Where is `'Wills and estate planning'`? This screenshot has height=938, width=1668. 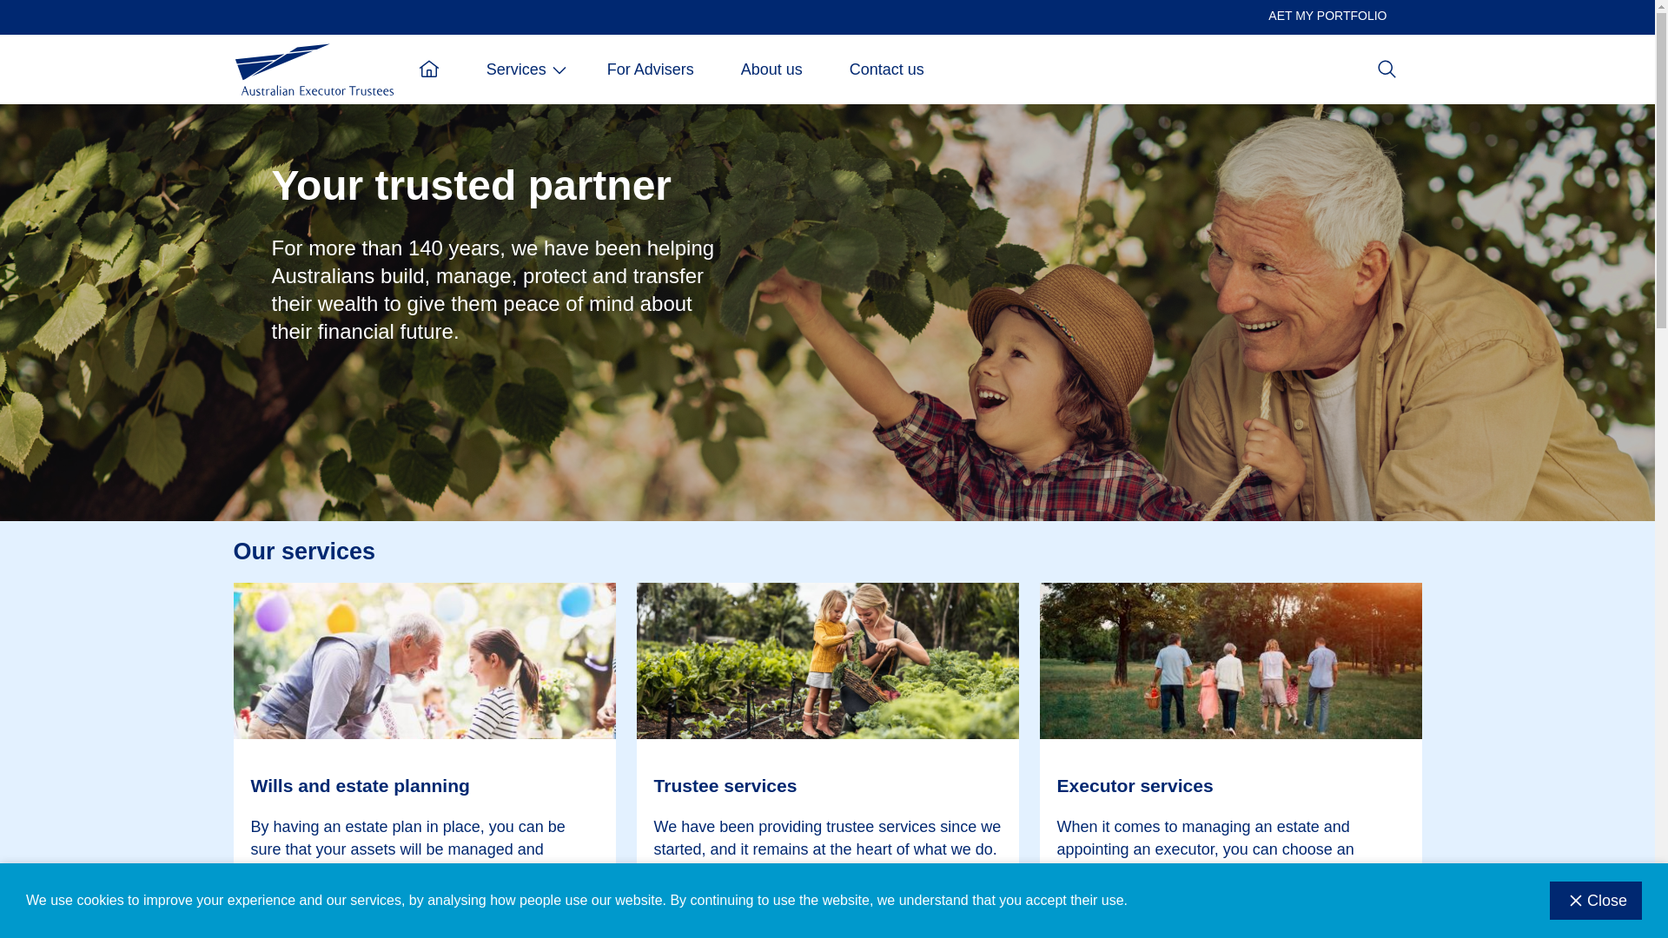 'Wills and estate planning' is located at coordinates (424, 786).